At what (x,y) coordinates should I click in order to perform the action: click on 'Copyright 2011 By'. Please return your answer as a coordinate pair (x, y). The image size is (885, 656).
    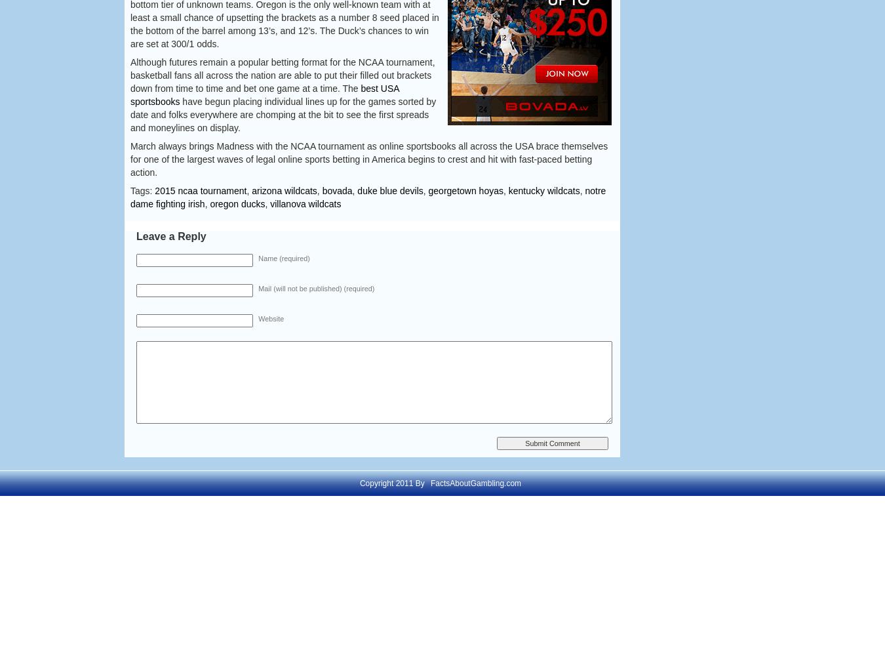
    Looking at the image, I should click on (393, 483).